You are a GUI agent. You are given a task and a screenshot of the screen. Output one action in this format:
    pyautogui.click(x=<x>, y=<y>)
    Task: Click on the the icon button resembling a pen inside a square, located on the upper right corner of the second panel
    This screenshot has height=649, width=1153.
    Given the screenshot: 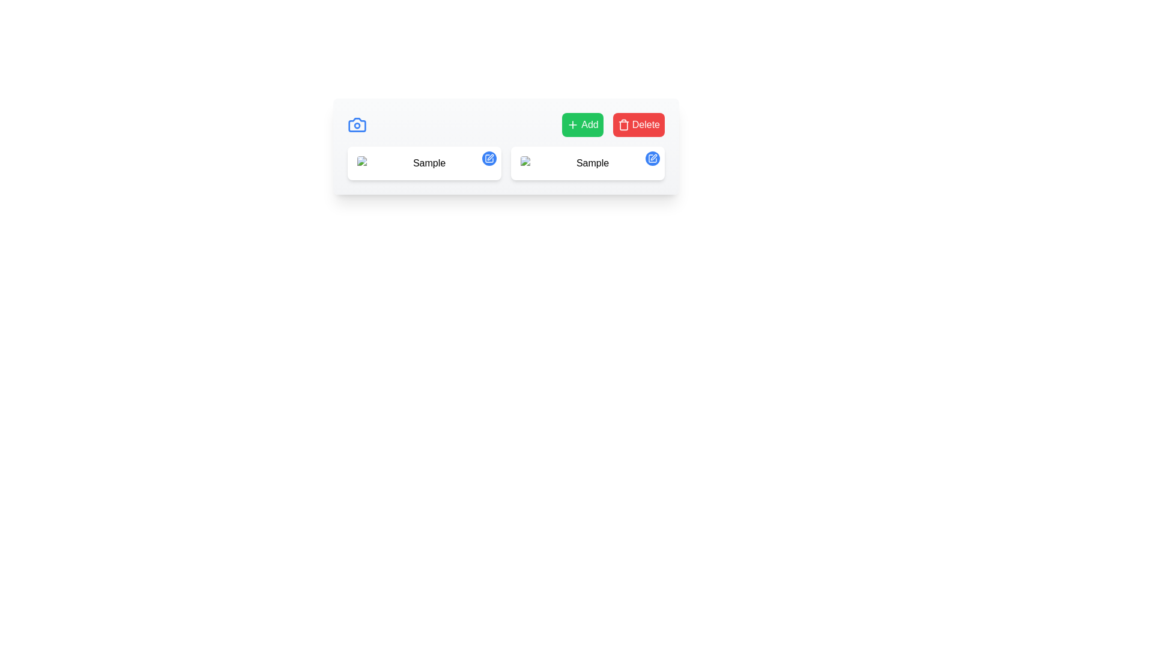 What is the action you would take?
    pyautogui.click(x=489, y=157)
    